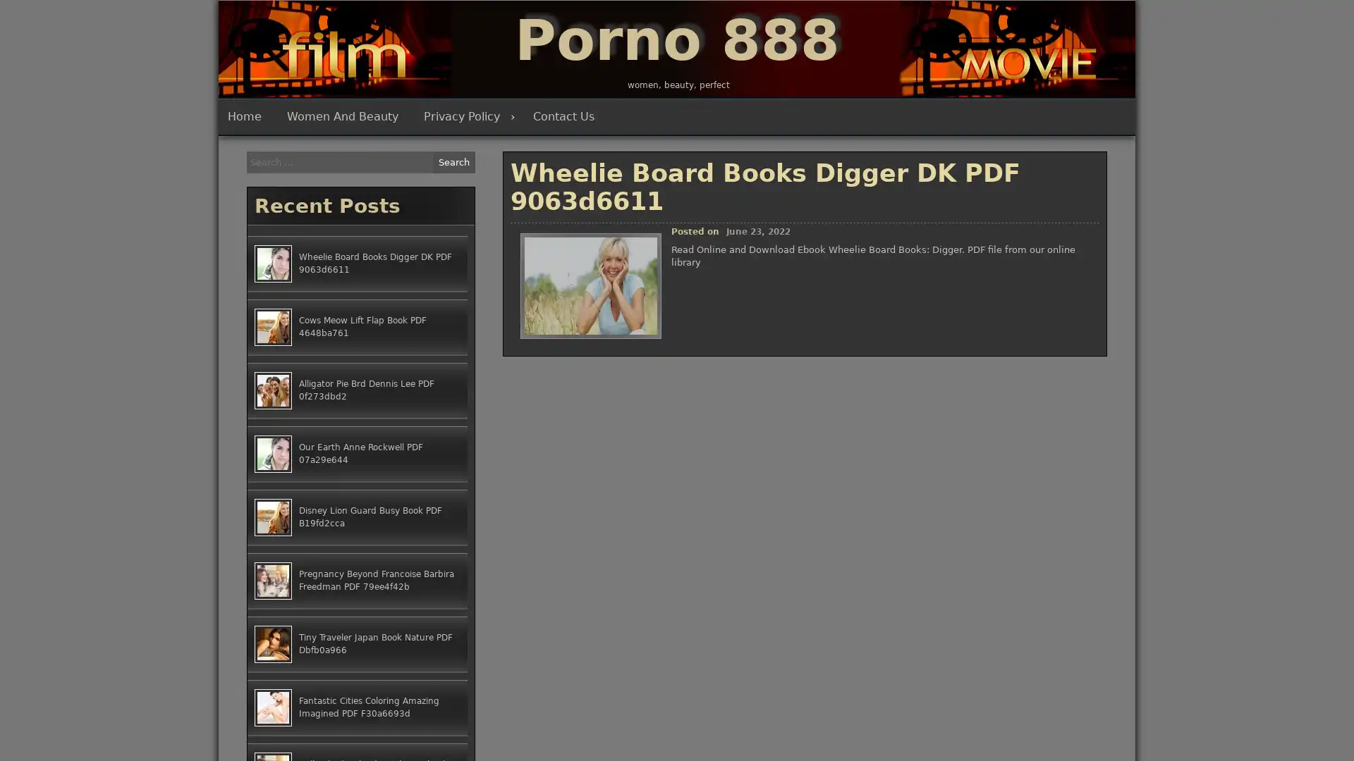 The height and width of the screenshot is (761, 1354). Describe the element at coordinates (453, 161) in the screenshot. I see `Search` at that location.